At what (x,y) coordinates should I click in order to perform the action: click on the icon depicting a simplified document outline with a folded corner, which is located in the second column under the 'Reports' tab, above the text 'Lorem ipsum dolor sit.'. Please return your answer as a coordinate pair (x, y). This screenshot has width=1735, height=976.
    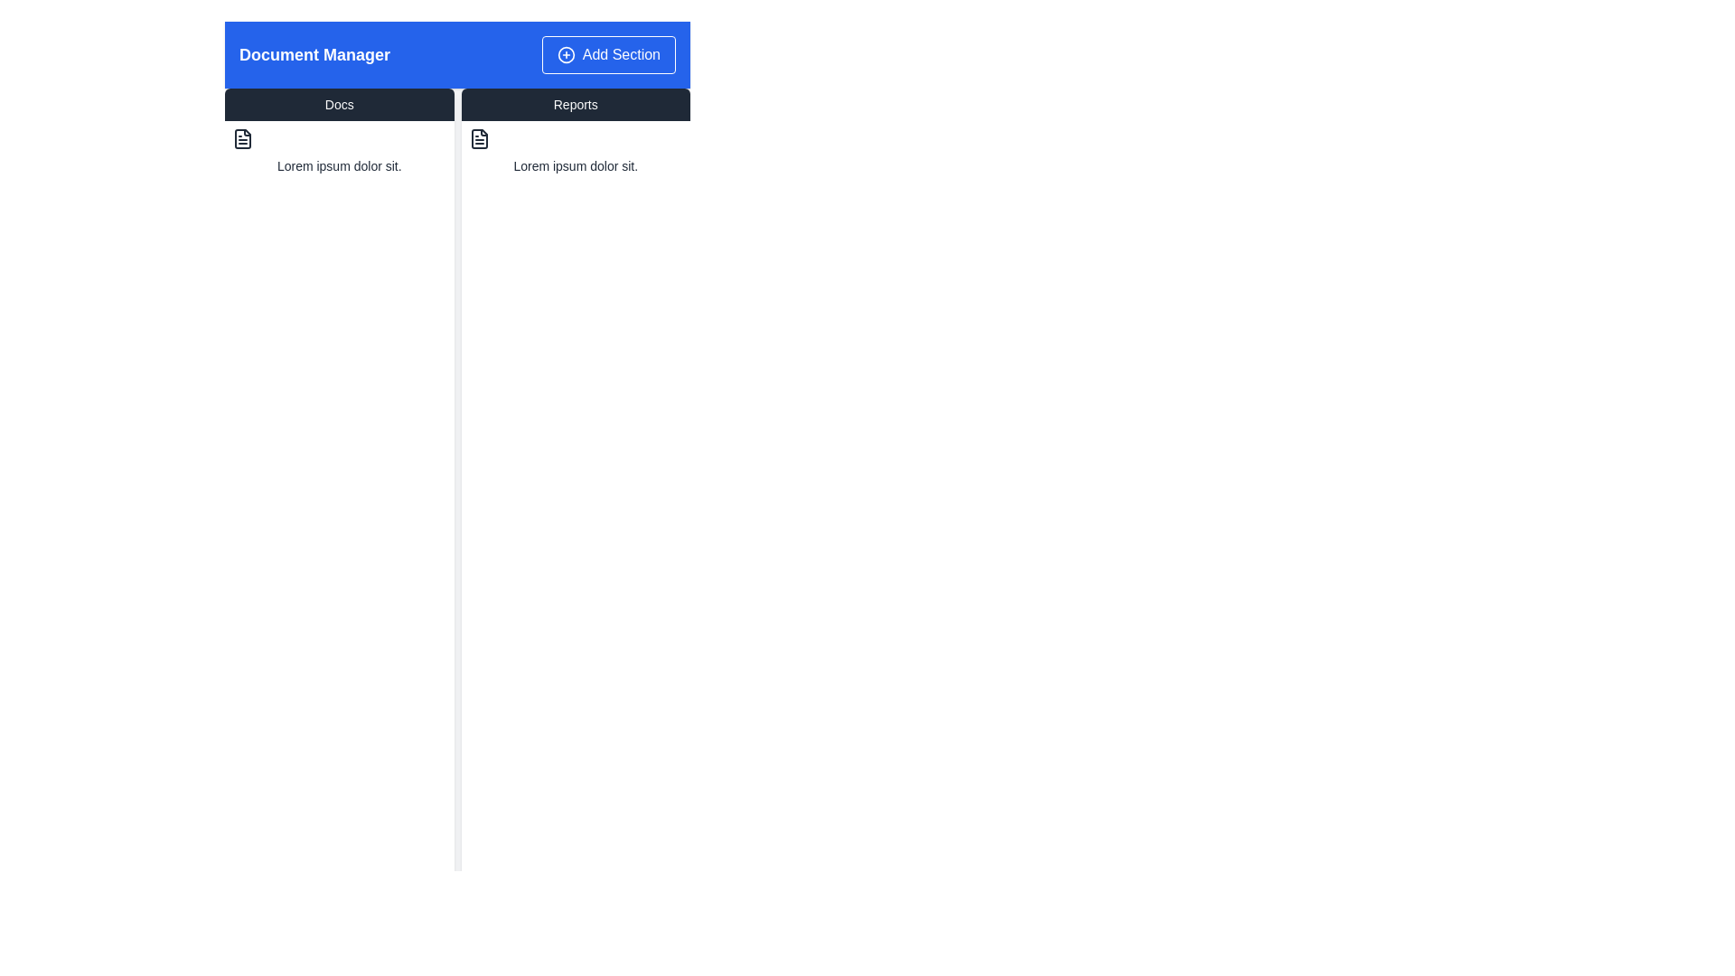
    Looking at the image, I should click on (479, 138).